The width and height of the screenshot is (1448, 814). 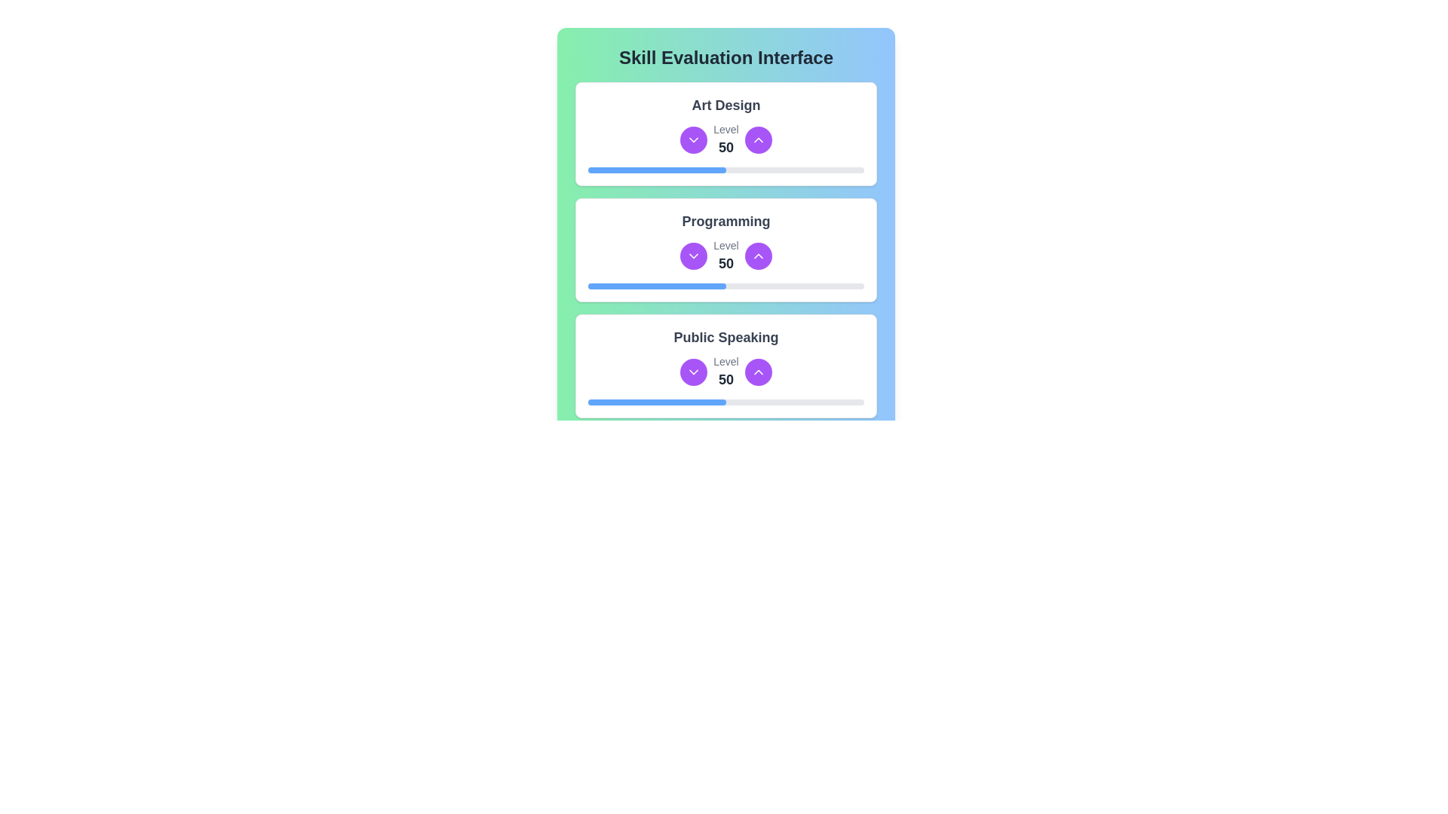 What do you see at coordinates (657, 286) in the screenshot?
I see `the progress bar segment indicating 50% completion of the 'Programming' skill, located in the second skill section` at bounding box center [657, 286].